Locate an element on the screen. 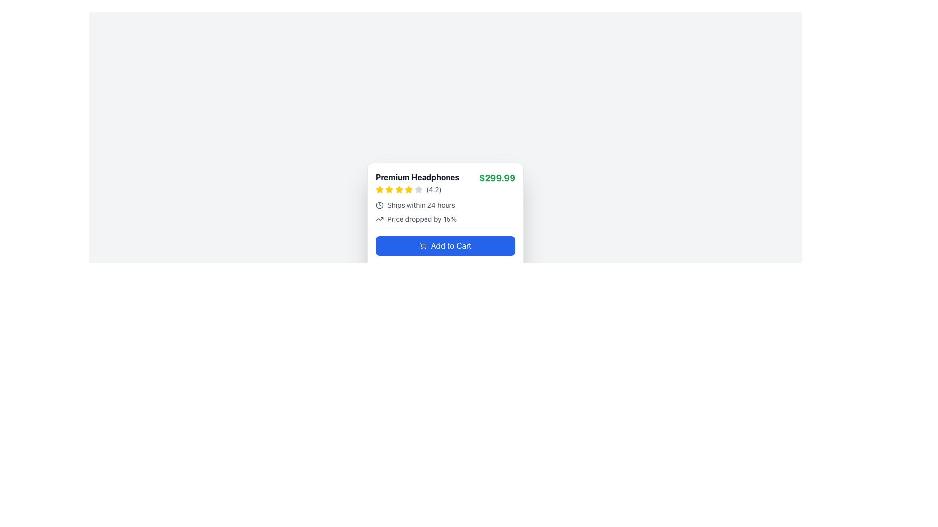 This screenshot has width=938, height=527. the price drop icon located to the left of the 'Price dropped by 15%' text to interact with the associated text is located at coordinates (379, 218).